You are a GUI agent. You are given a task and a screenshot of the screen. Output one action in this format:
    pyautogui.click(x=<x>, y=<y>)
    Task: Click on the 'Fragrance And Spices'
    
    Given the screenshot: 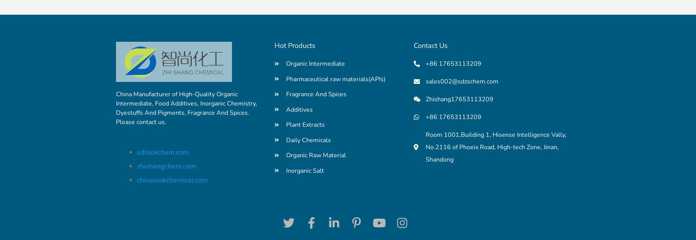 What is the action you would take?
    pyautogui.click(x=316, y=94)
    